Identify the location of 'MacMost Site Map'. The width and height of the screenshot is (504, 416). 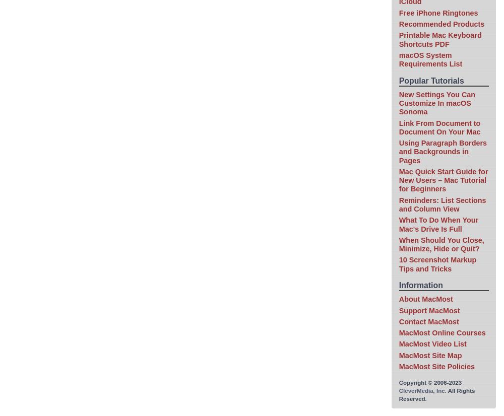
(399, 354).